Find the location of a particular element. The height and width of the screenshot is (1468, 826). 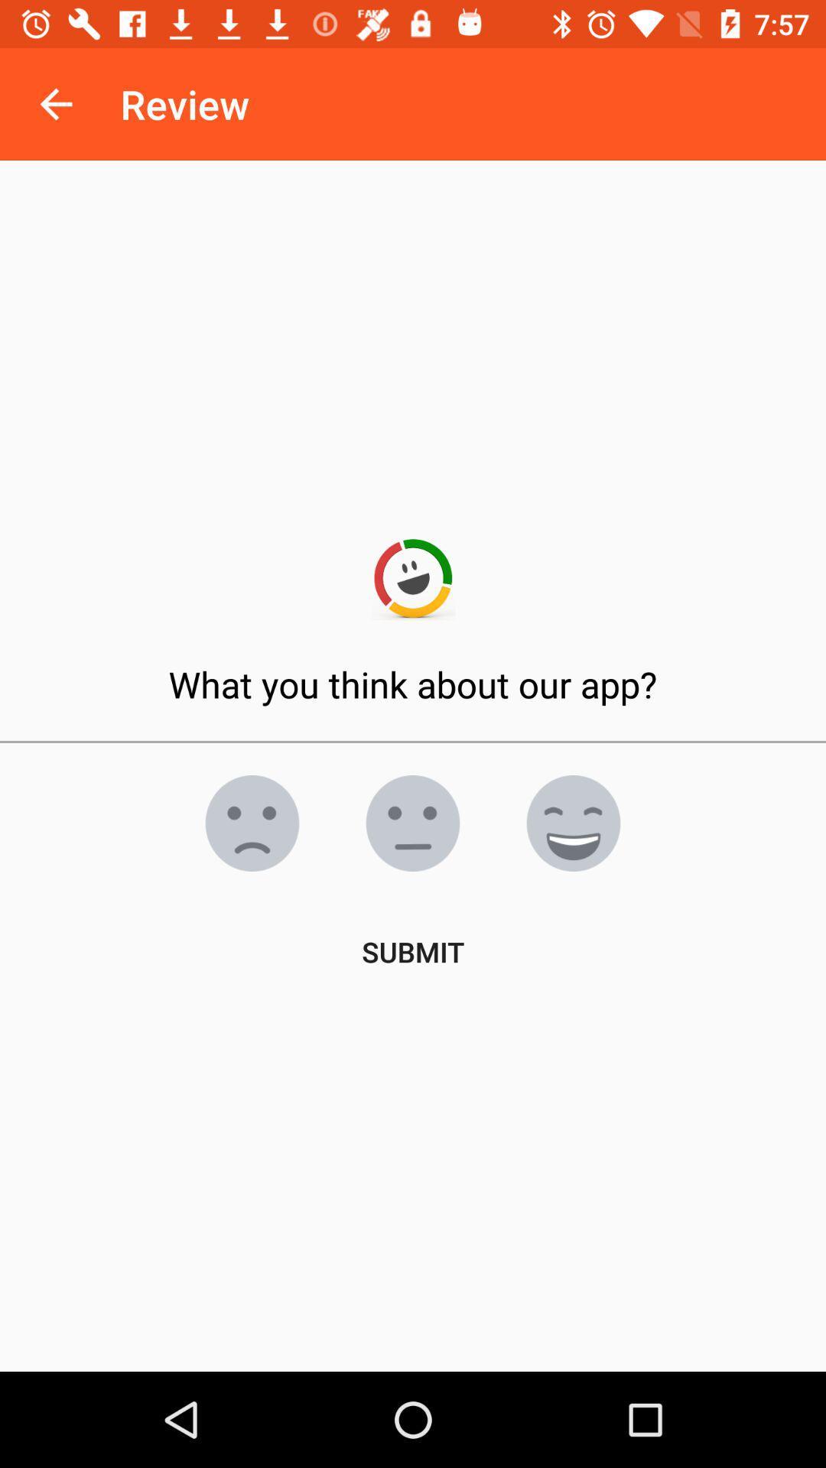

the emoji icon is located at coordinates (573, 822).